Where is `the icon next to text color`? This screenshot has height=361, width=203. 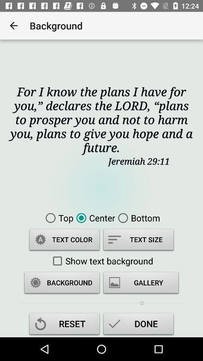
the icon next to text color is located at coordinates (138, 240).